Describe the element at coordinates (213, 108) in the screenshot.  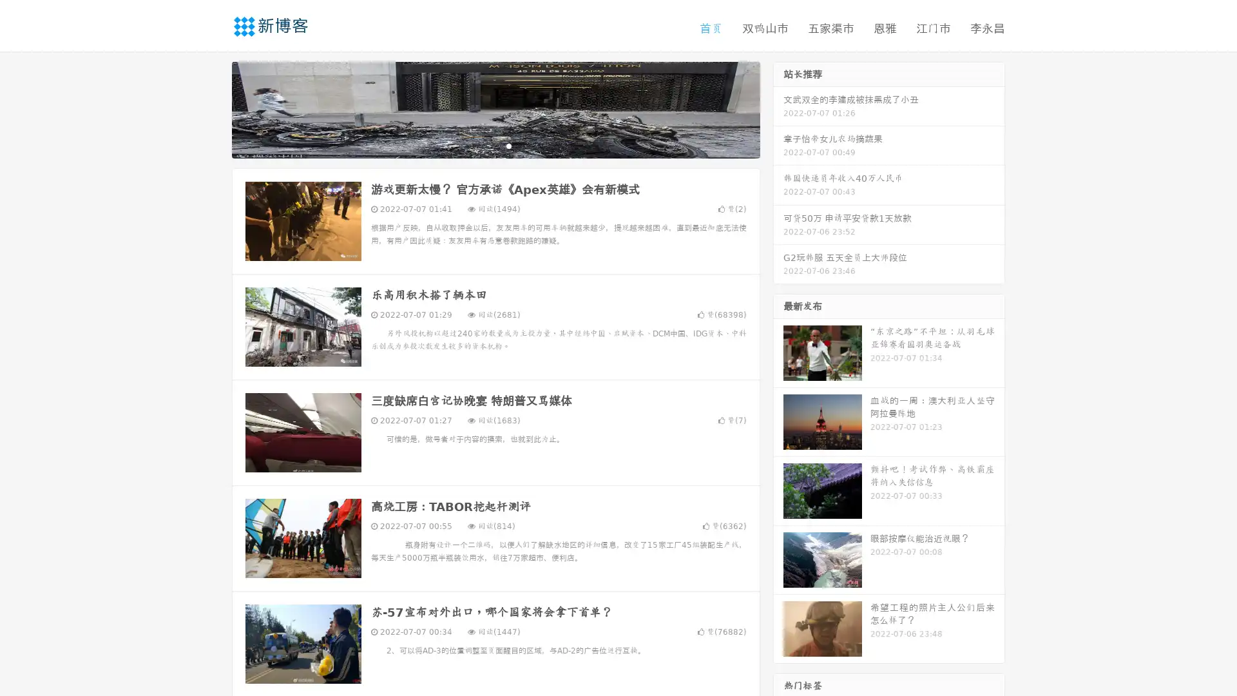
I see `Previous slide` at that location.